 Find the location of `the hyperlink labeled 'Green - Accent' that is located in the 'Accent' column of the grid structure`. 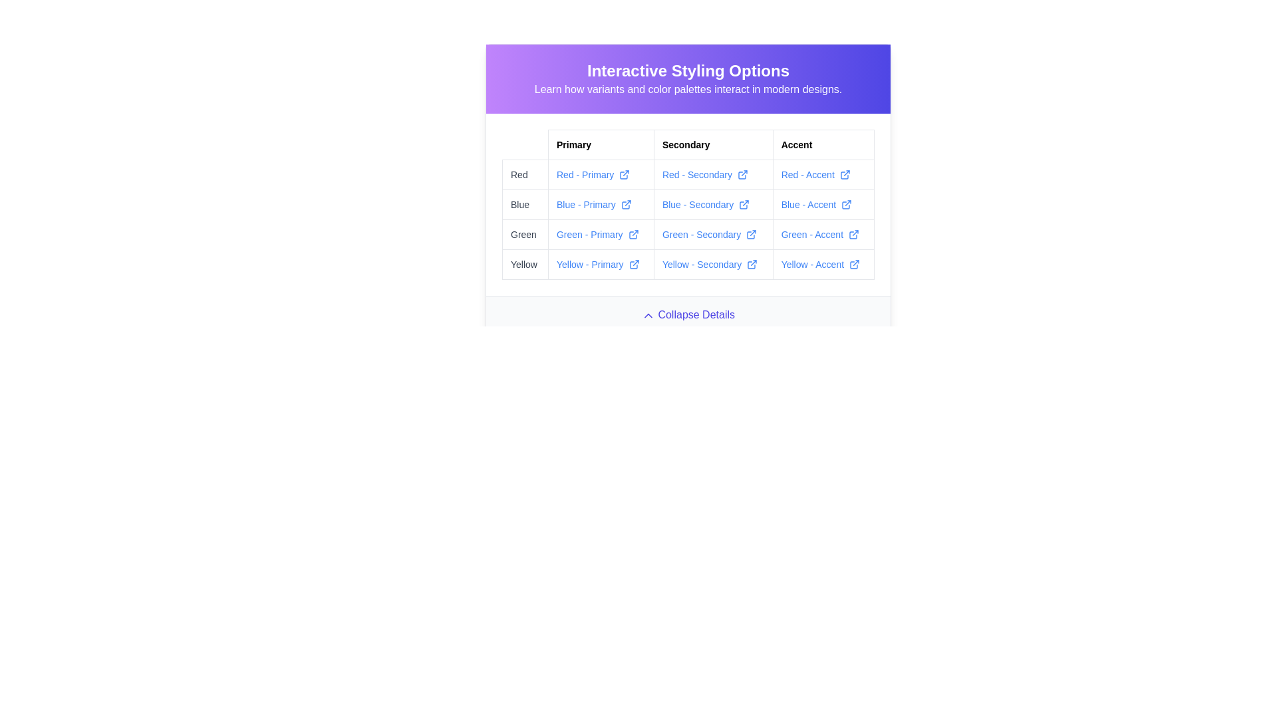

the hyperlink labeled 'Green - Accent' that is located in the 'Accent' column of the grid structure is located at coordinates (823, 234).